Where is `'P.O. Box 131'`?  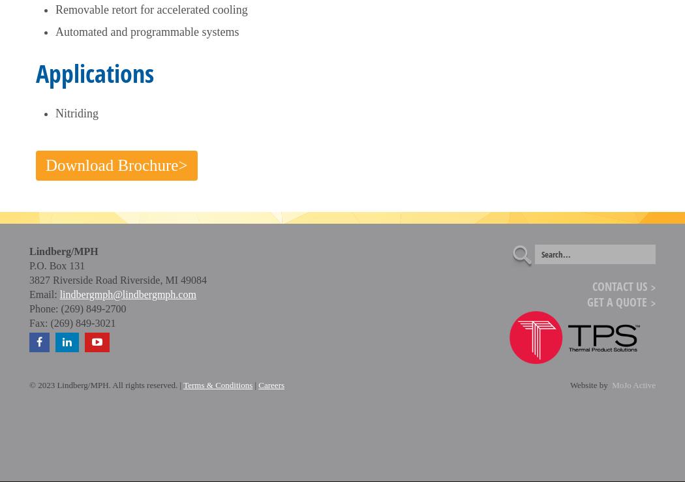
'P.O. Box 131' is located at coordinates (57, 265).